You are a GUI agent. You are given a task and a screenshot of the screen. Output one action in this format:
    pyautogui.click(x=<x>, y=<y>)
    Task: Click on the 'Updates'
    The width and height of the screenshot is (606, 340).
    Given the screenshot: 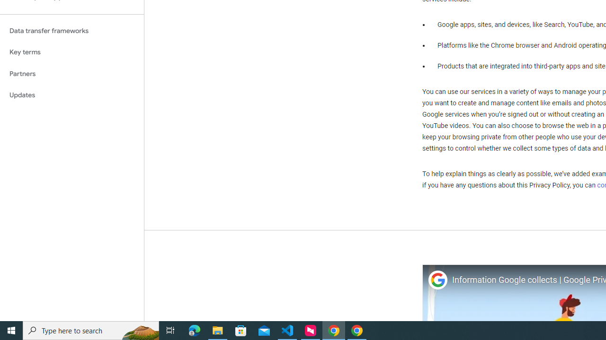 What is the action you would take?
    pyautogui.click(x=71, y=95)
    